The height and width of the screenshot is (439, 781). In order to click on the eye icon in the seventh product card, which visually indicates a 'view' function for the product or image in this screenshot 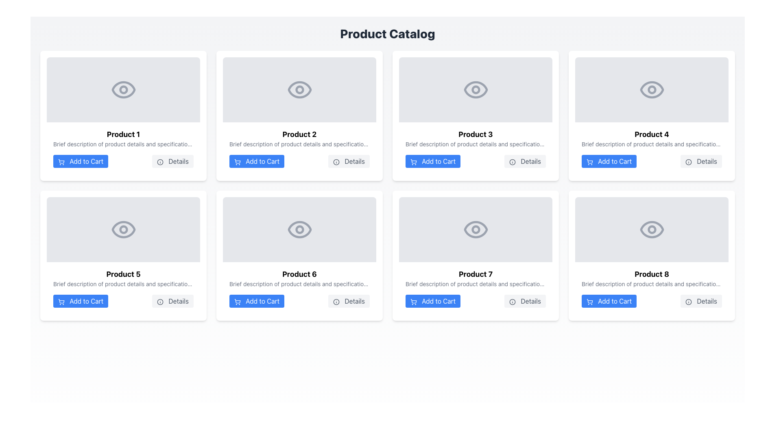, I will do `click(476, 229)`.